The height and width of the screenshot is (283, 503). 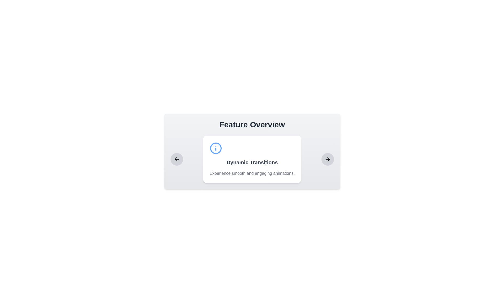 I want to click on the backward-pointing arrowhead icon located in the left-hand navigation area of the 'Feature Overview' card, so click(x=176, y=159).